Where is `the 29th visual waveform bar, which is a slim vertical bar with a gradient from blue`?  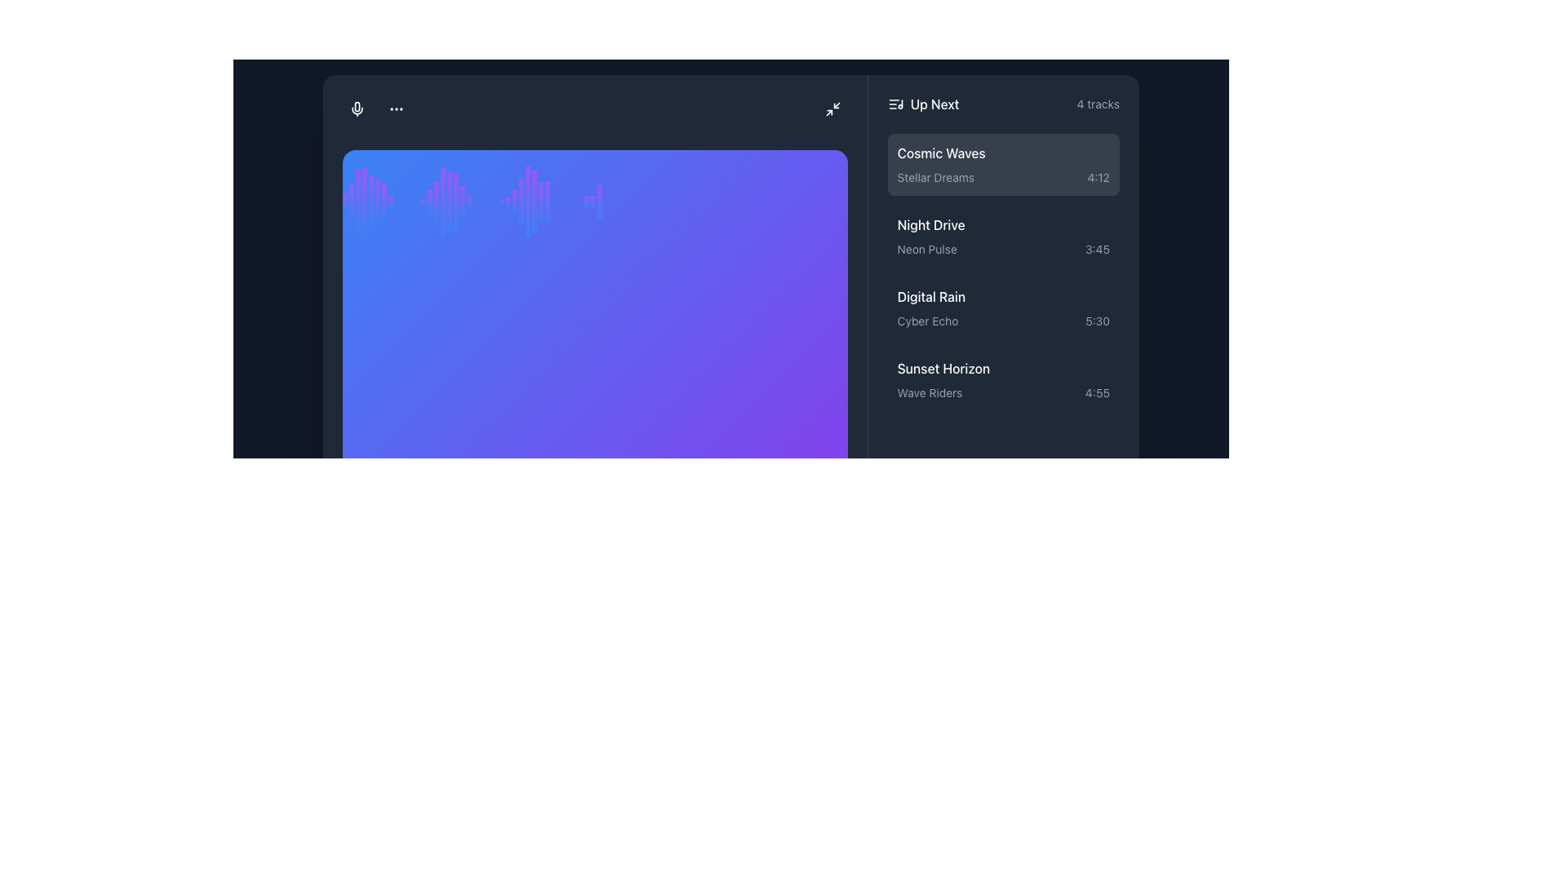 the 29th visual waveform bar, which is a slim vertical bar with a gradient from blue is located at coordinates (520, 201).